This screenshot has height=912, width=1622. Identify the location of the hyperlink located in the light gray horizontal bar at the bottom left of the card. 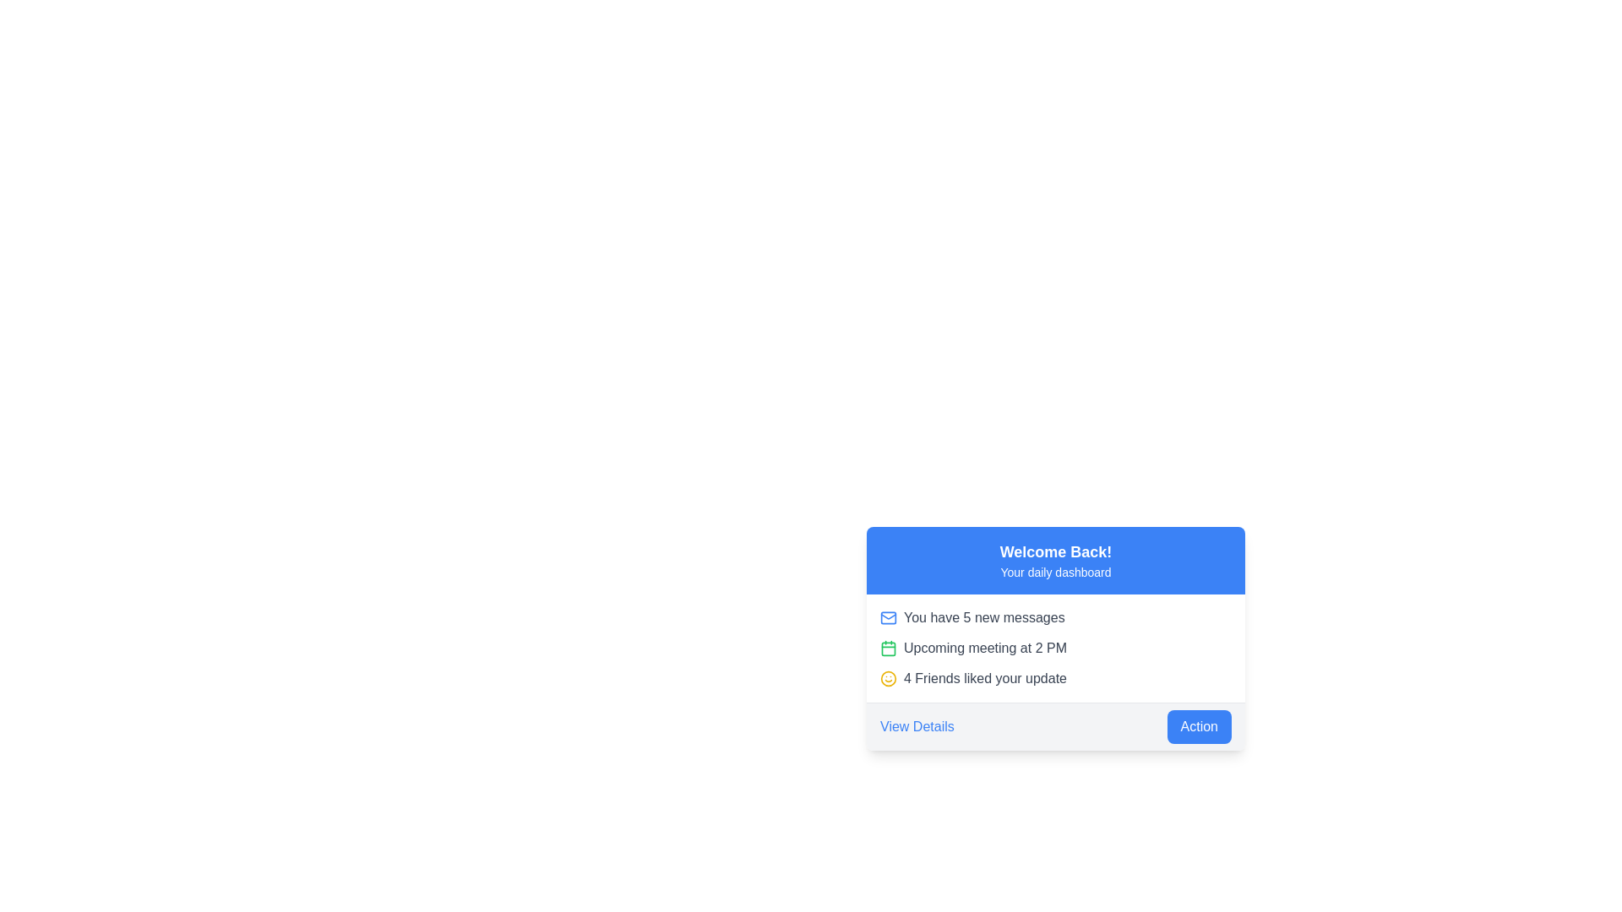
(916, 725).